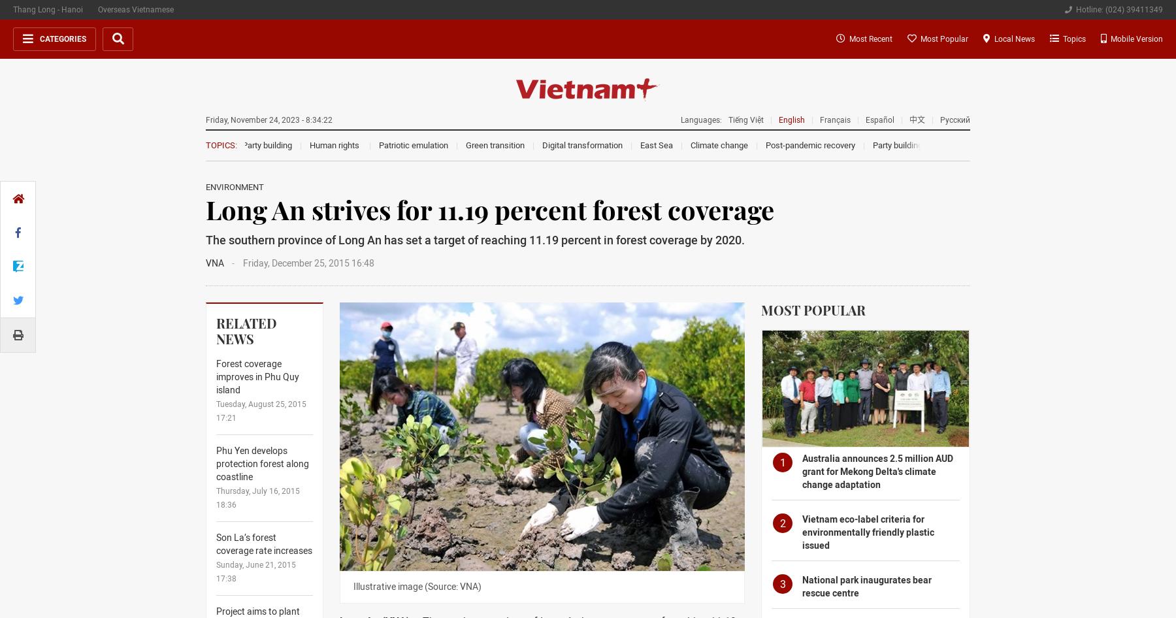 This screenshot has height=618, width=1176. I want to click on 'Son La’s forest coverage rate increases', so click(216, 544).